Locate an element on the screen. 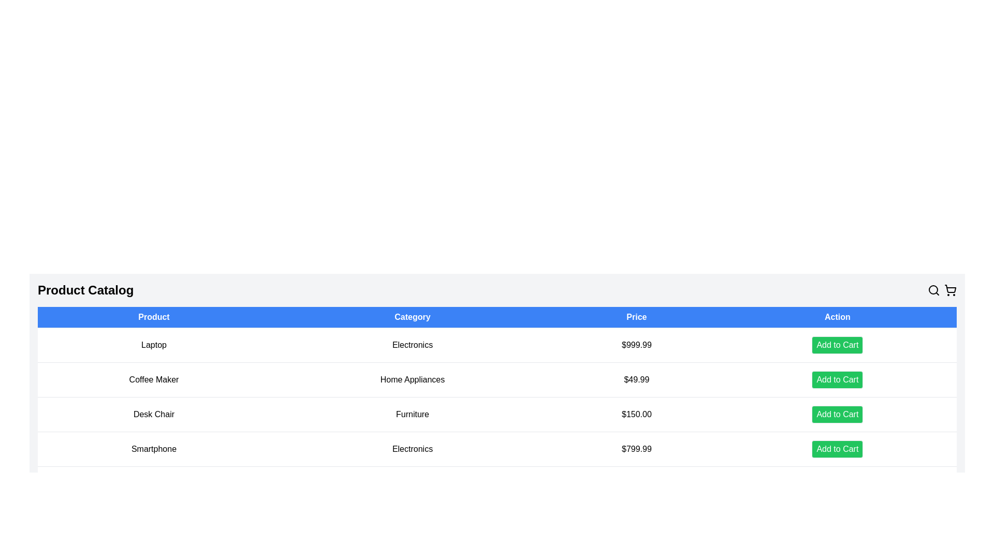 The height and width of the screenshot is (559, 994). the button in the fourth row of the 'Action' column is located at coordinates (837, 448).